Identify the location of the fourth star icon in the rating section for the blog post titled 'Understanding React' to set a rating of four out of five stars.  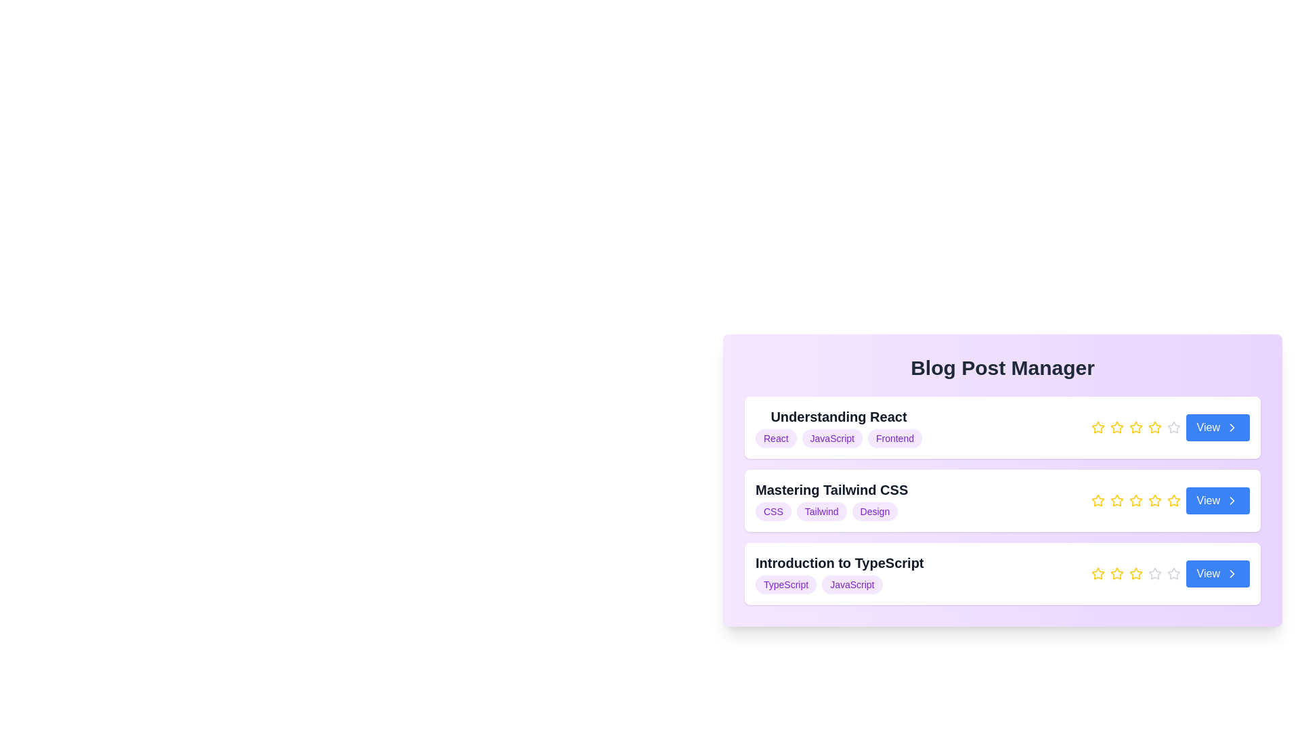
(1154, 427).